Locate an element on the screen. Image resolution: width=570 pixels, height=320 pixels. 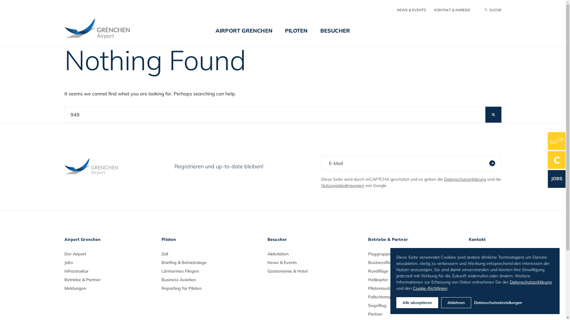
'Jobs' is located at coordinates (68, 262).